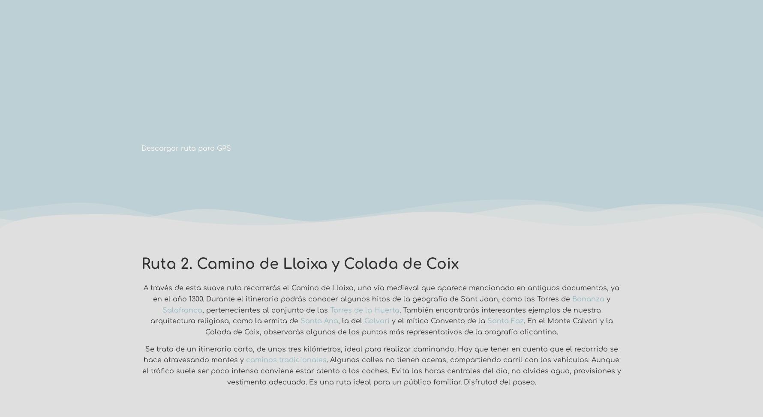  What do you see at coordinates (409, 326) in the screenshot?
I see `'. En el Monte Calvari y la Colada de Coix, observarás algunos de los puntos más representativos de la orografía alicantina.'` at bounding box center [409, 326].